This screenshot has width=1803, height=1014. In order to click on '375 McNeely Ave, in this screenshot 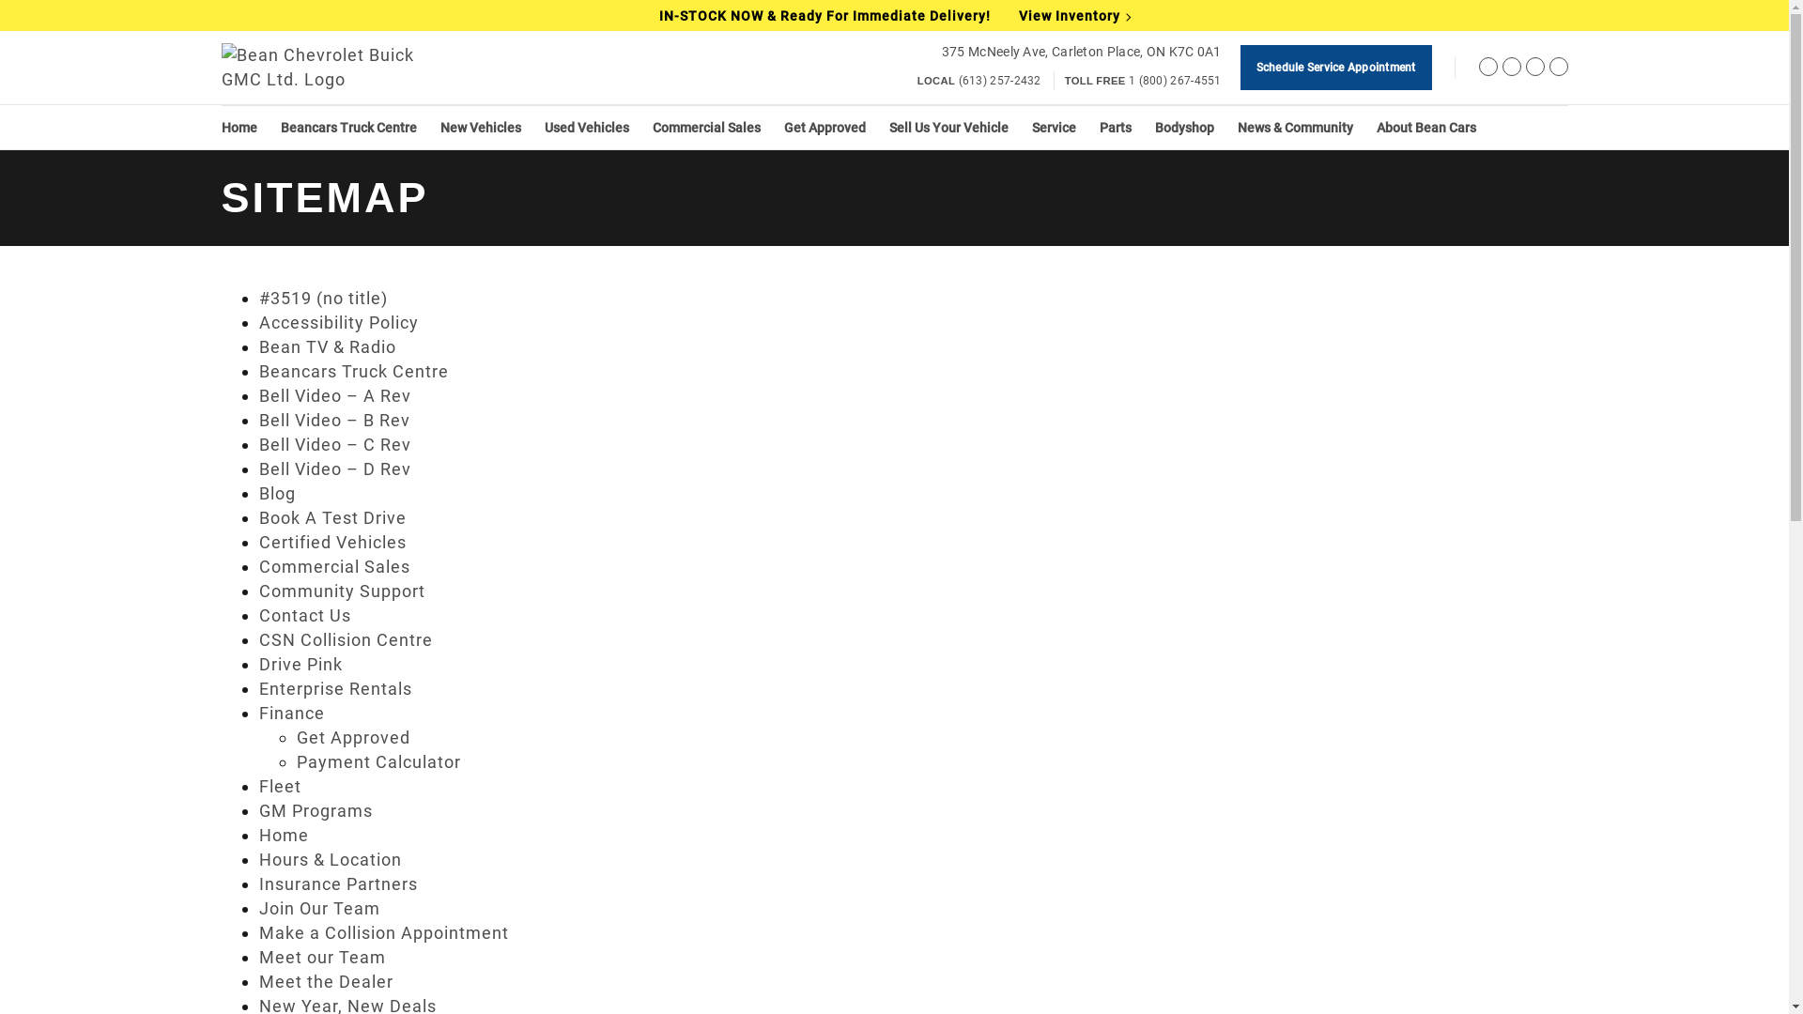, I will do `click(1082, 51)`.